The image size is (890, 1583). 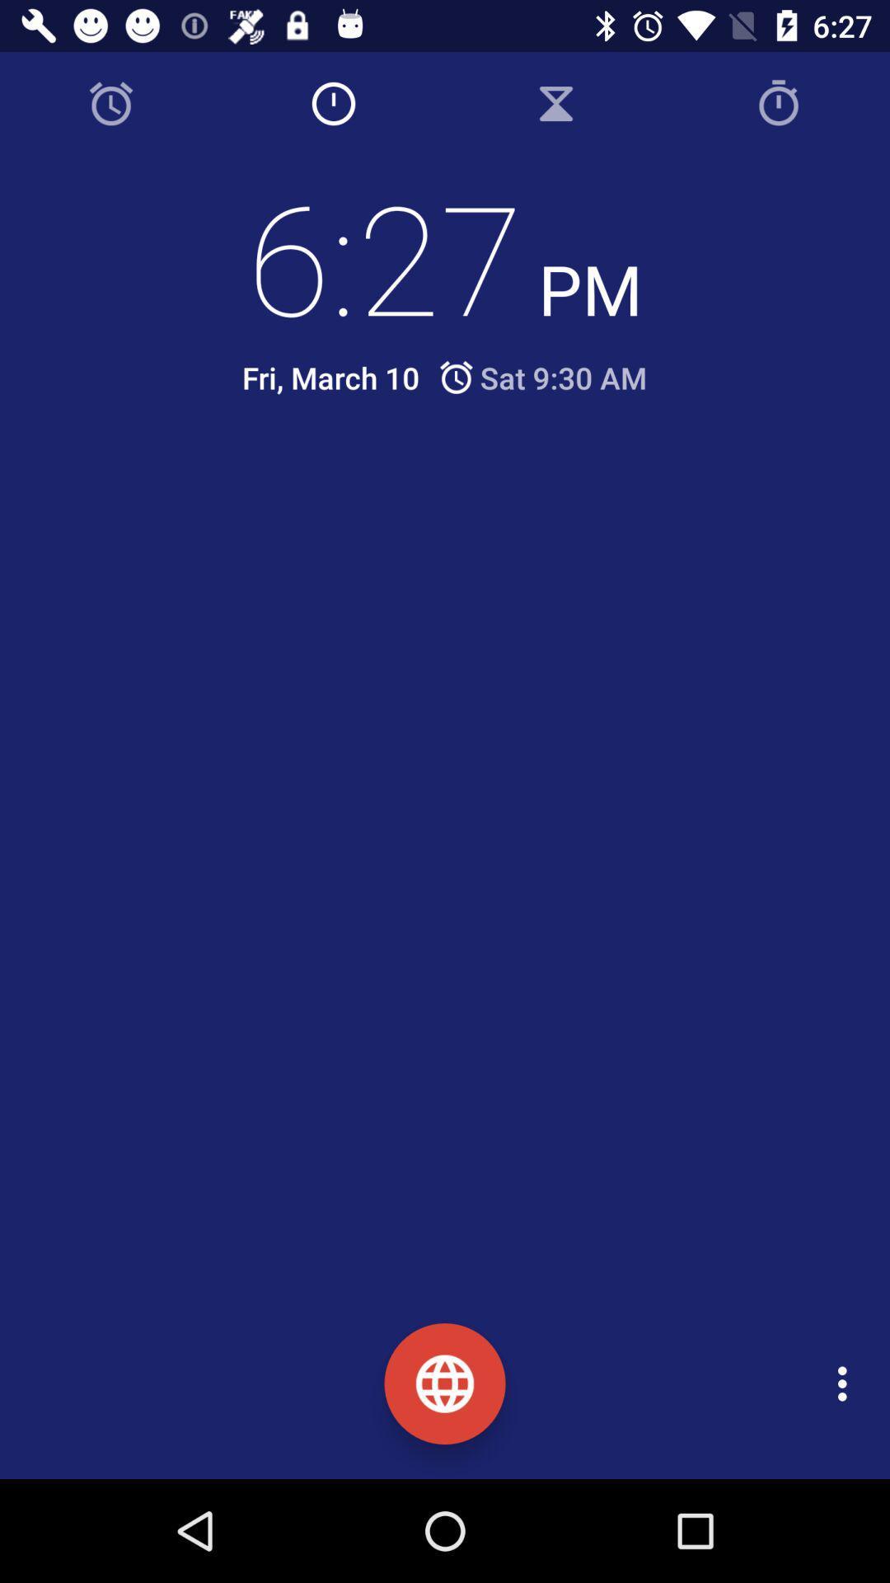 I want to click on the more icon, so click(x=846, y=1383).